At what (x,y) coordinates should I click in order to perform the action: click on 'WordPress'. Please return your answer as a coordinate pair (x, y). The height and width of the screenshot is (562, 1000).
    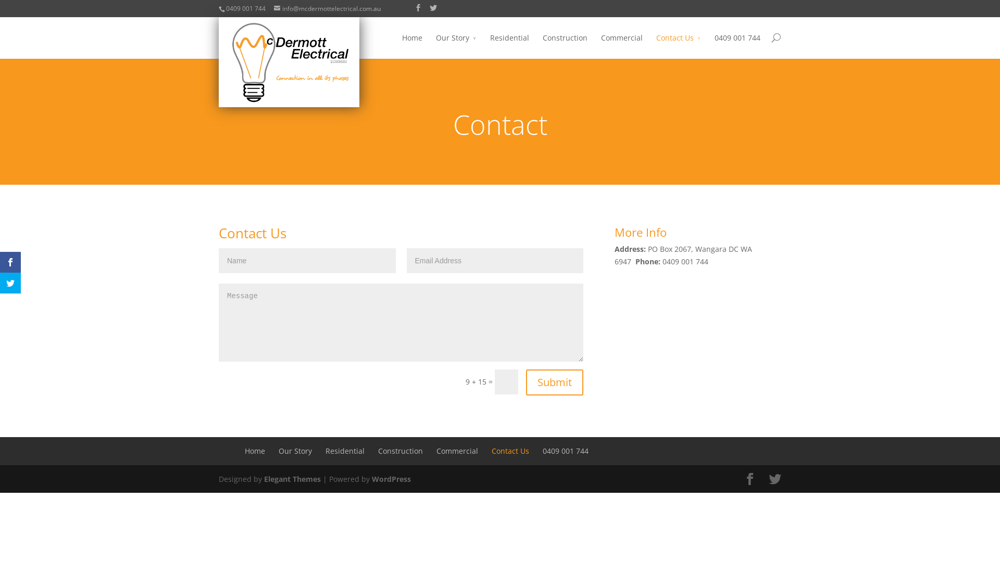
    Looking at the image, I should click on (372, 479).